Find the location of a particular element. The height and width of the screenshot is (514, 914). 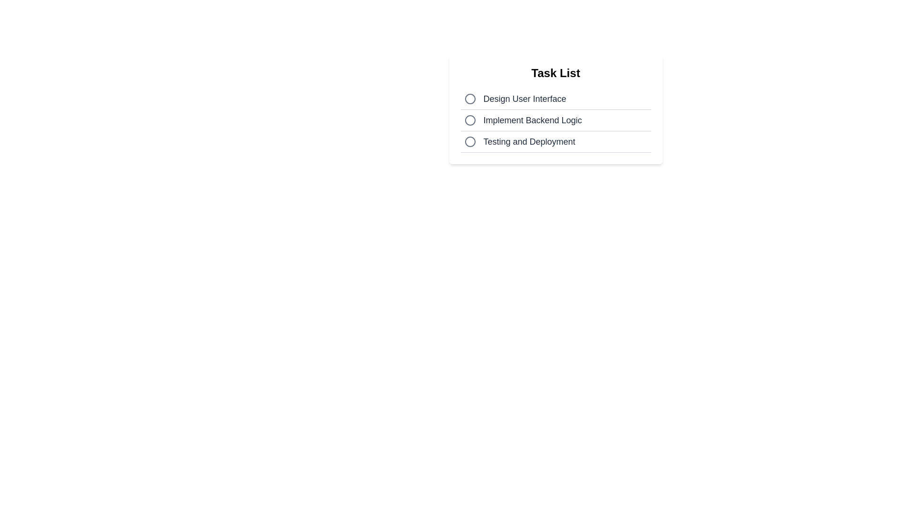

the Selection Indicator (Circle) next to the text 'Design User Interface' in the task list is located at coordinates (470, 99).